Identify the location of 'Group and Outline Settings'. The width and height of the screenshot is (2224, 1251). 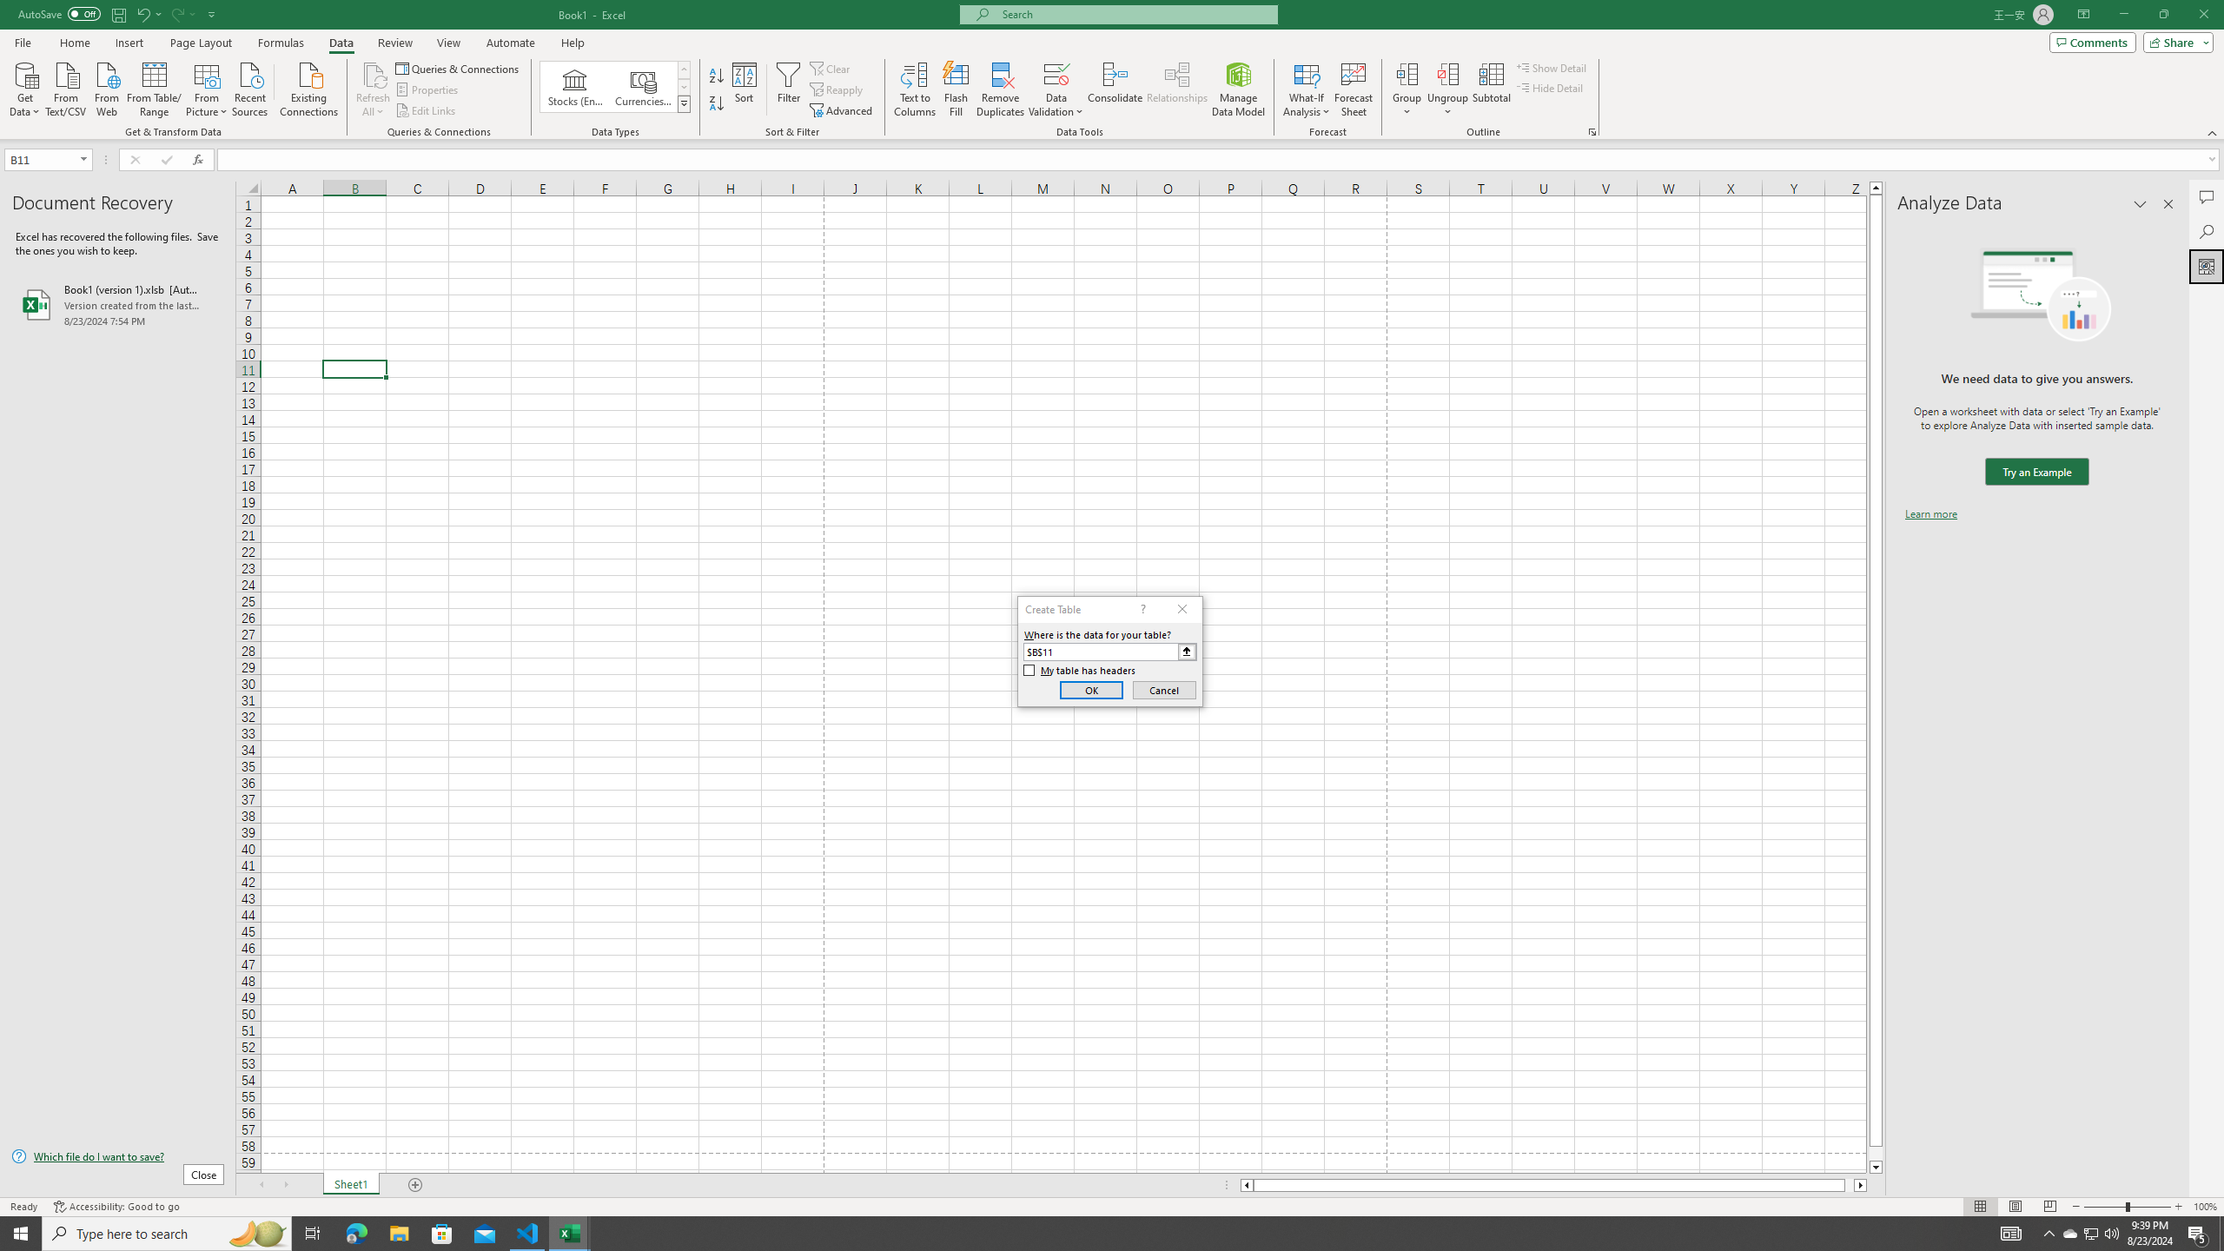
(1591, 130).